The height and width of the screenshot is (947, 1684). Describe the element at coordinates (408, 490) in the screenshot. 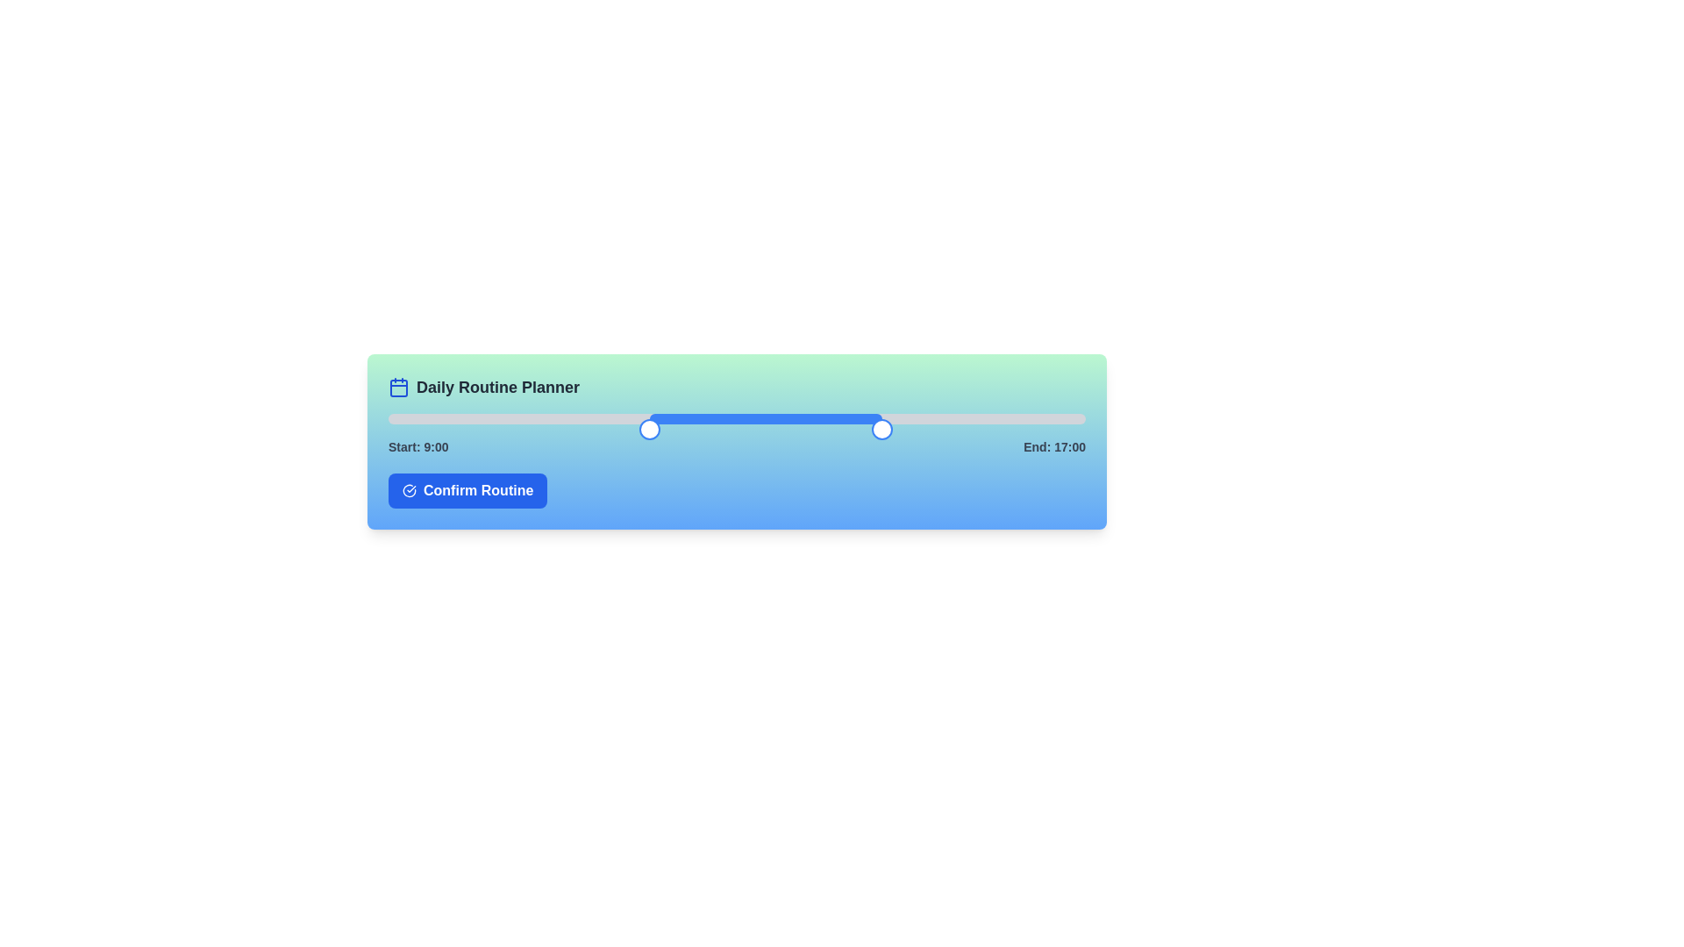

I see `the status indicator icon located to the left of the 'Confirm Routine' button, which serves as a confirmation or completed state indicator` at that location.